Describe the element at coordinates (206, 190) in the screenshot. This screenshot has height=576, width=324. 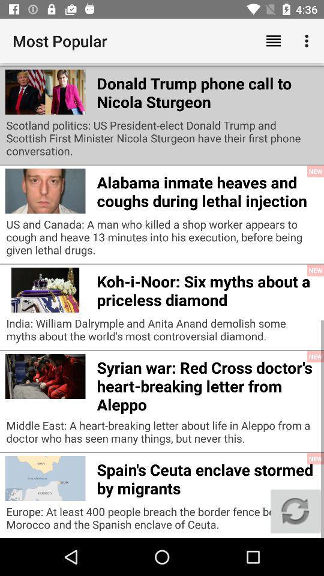
I see `app above us and canada item` at that location.